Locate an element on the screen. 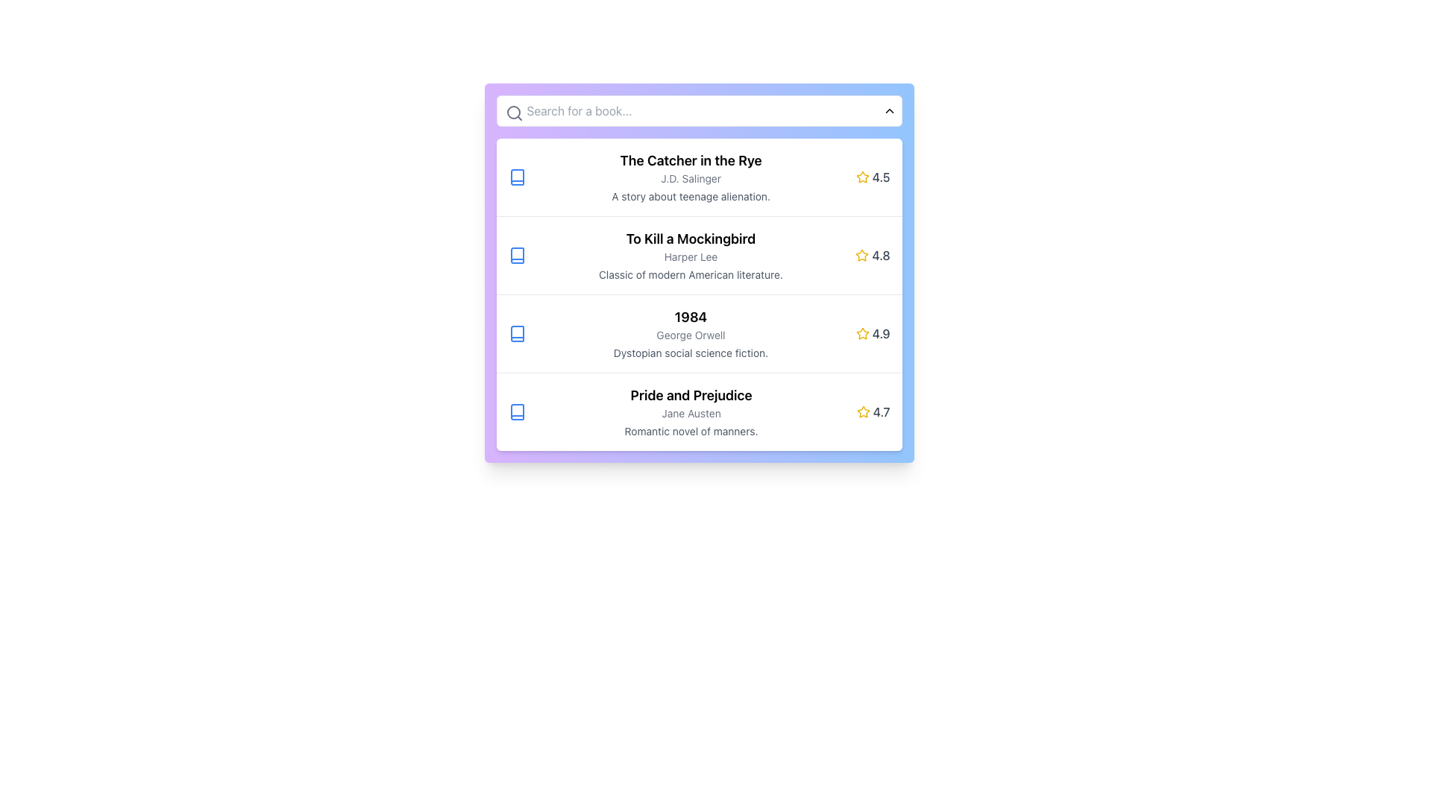 This screenshot has height=805, width=1432. the List Entry Content Block displaying '1984' by George Orwell, which consists of three lines of text with the first line in bold and large font, the second line in smaller gray font, and the third line in slightly smaller gray font is located at coordinates (690, 332).